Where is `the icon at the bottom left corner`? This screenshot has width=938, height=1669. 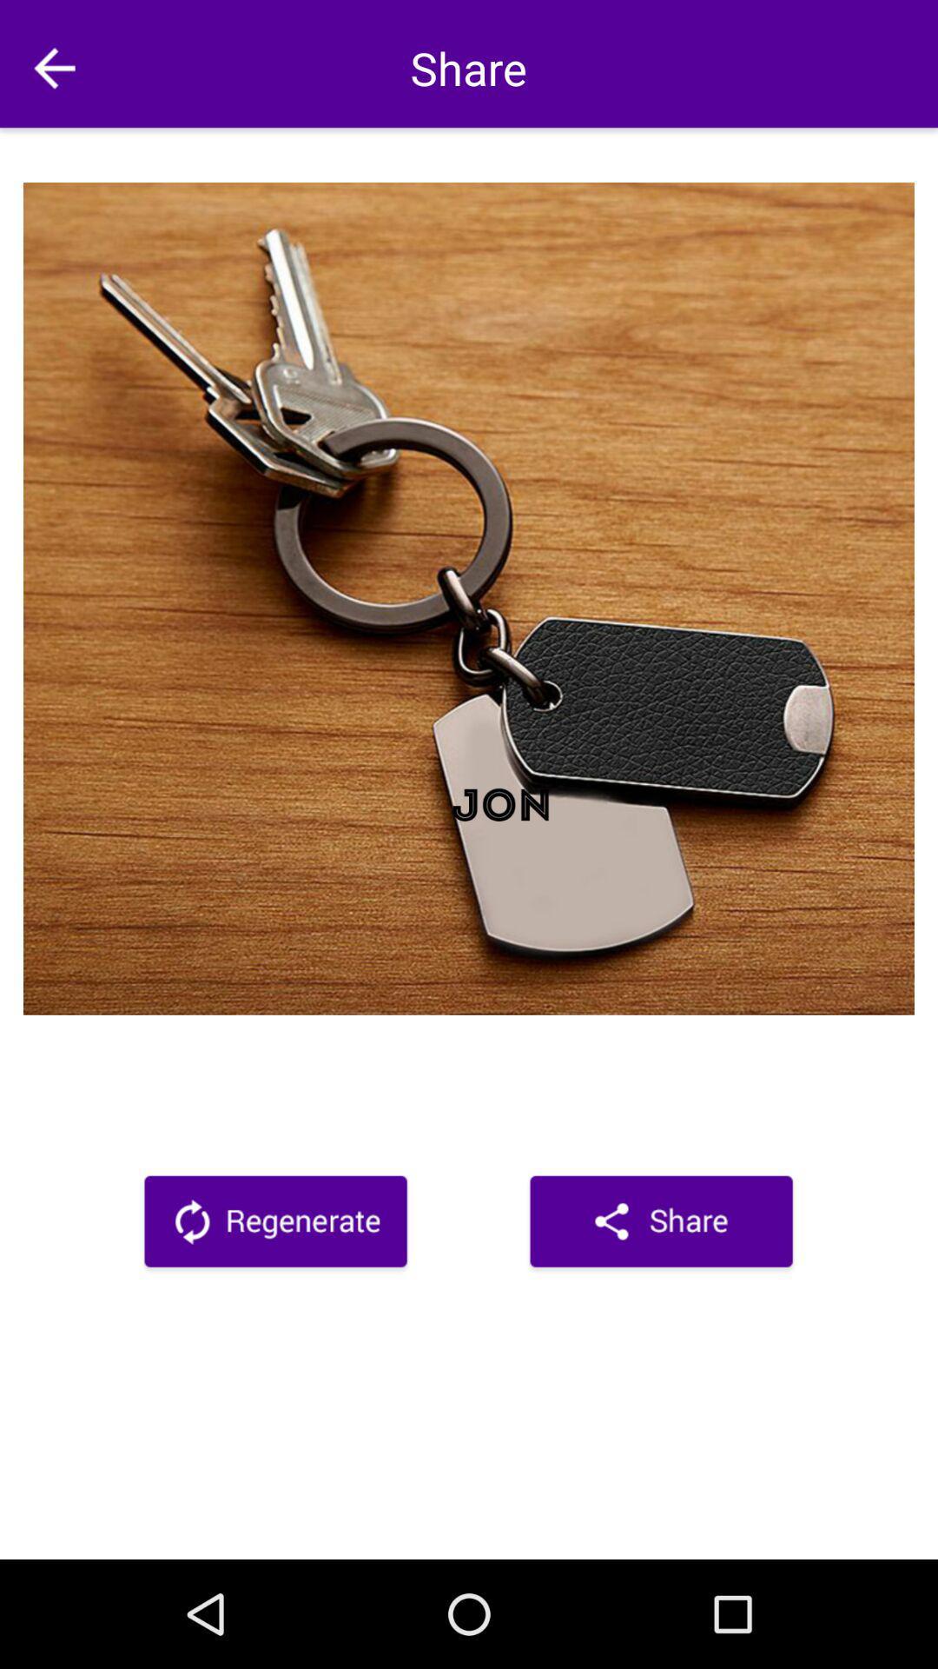
the icon at the bottom left corner is located at coordinates (274, 1224).